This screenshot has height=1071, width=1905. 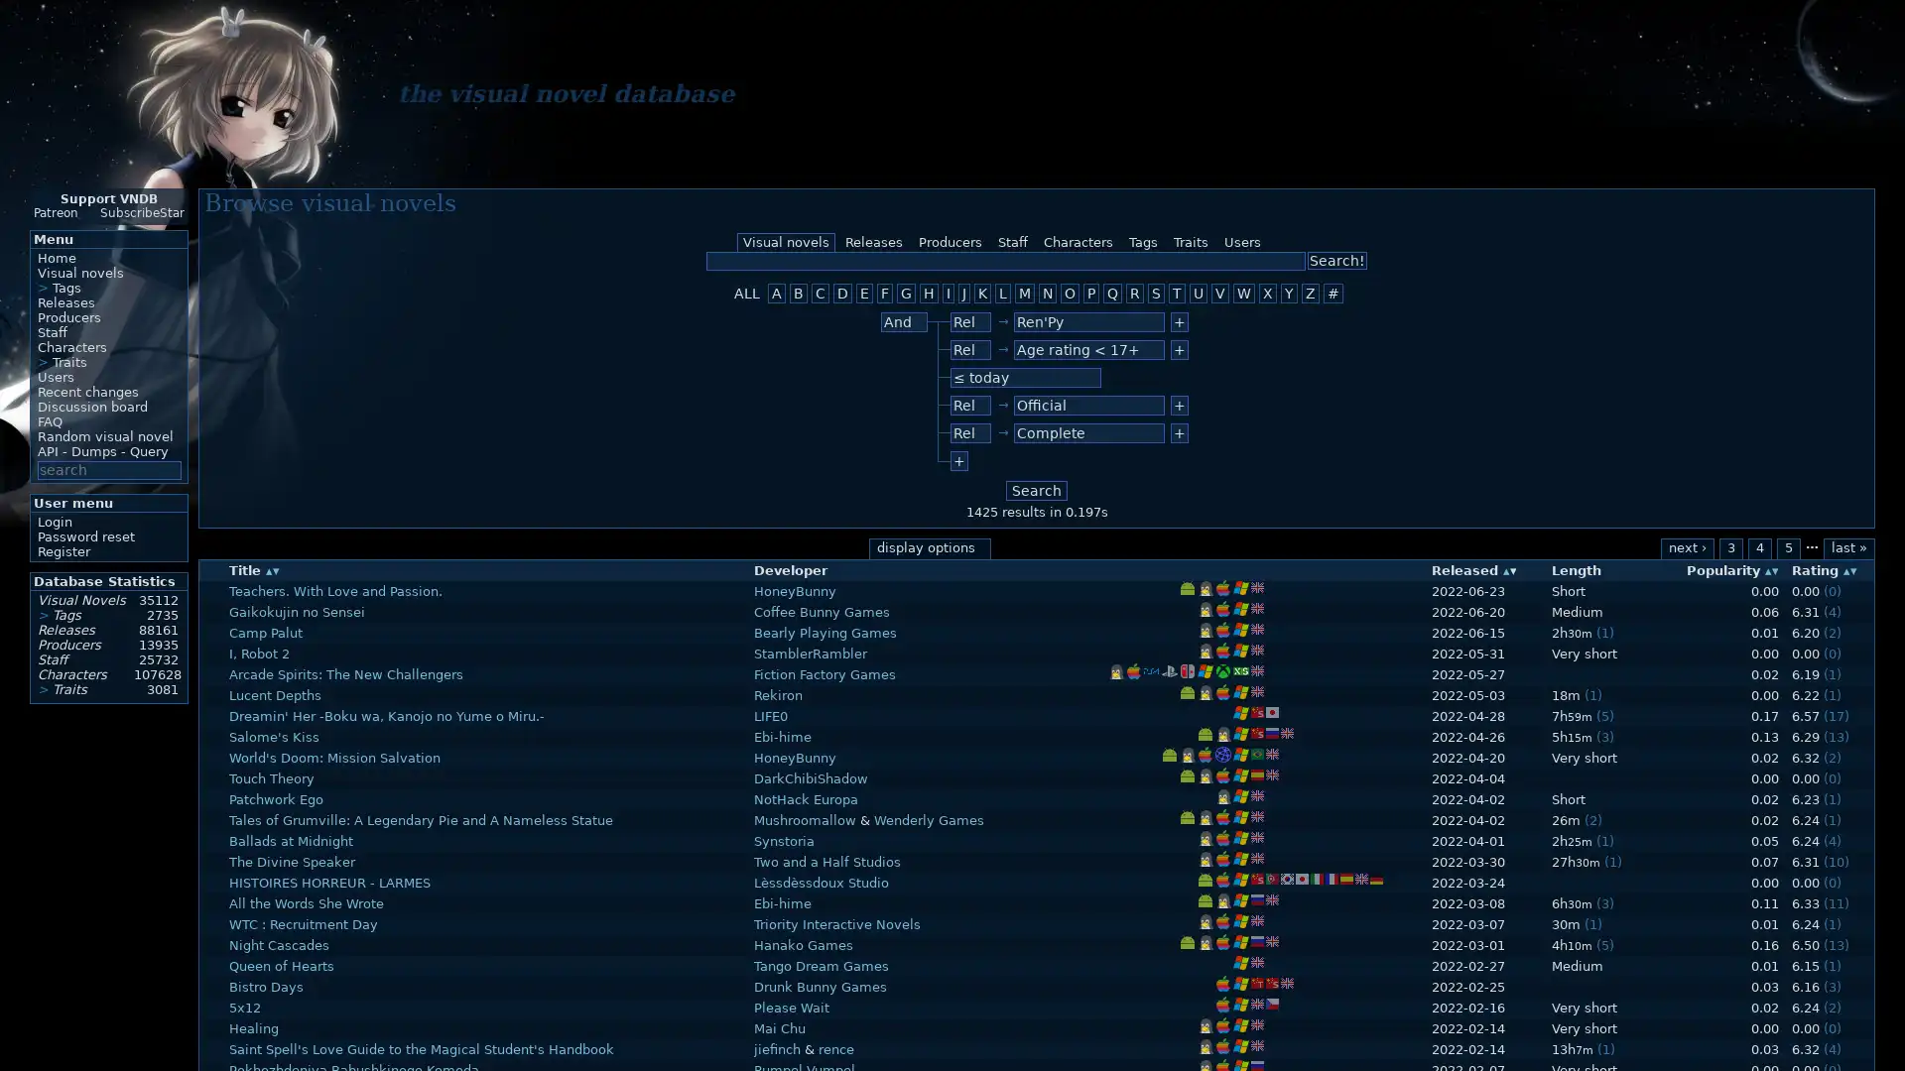 What do you see at coordinates (1024, 294) in the screenshot?
I see `M` at bounding box center [1024, 294].